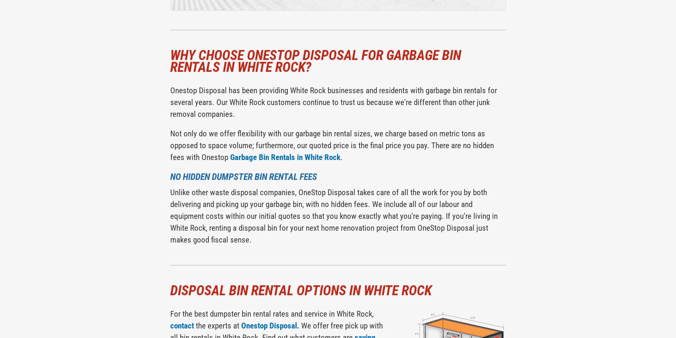  What do you see at coordinates (170, 325) in the screenshot?
I see `'contact'` at bounding box center [170, 325].